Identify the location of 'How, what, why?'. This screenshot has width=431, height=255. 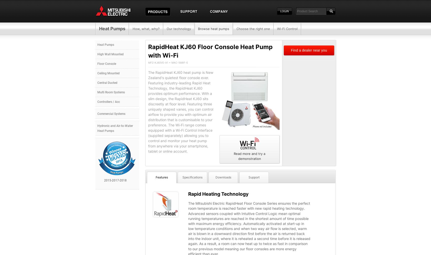
(146, 29).